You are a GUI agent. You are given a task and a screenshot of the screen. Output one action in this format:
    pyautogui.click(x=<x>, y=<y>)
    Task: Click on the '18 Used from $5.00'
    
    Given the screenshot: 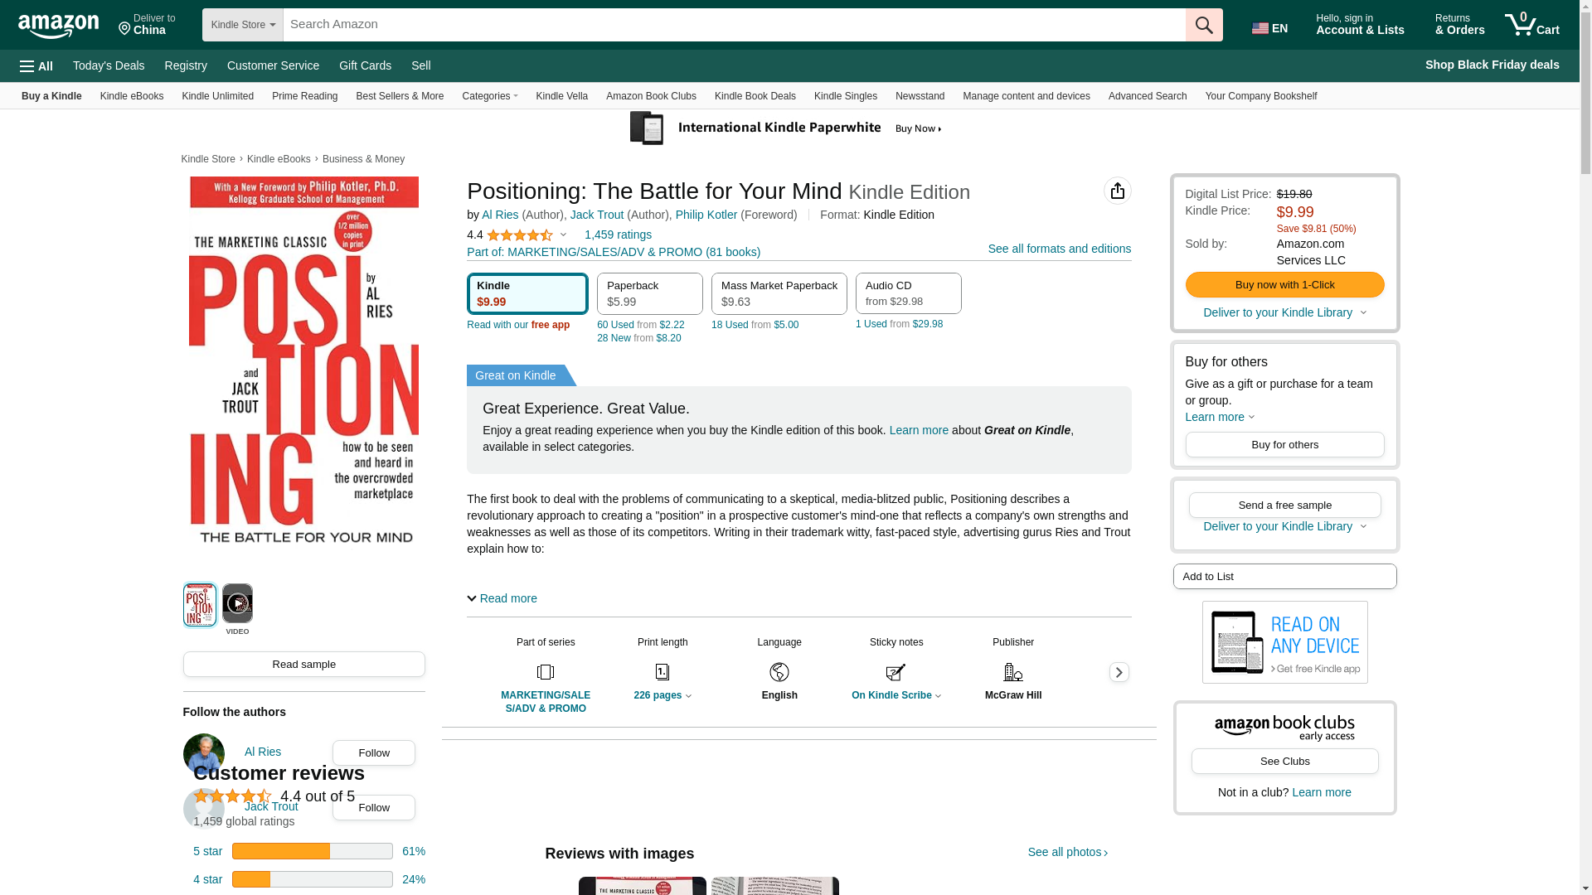 What is the action you would take?
    pyautogui.click(x=754, y=325)
    